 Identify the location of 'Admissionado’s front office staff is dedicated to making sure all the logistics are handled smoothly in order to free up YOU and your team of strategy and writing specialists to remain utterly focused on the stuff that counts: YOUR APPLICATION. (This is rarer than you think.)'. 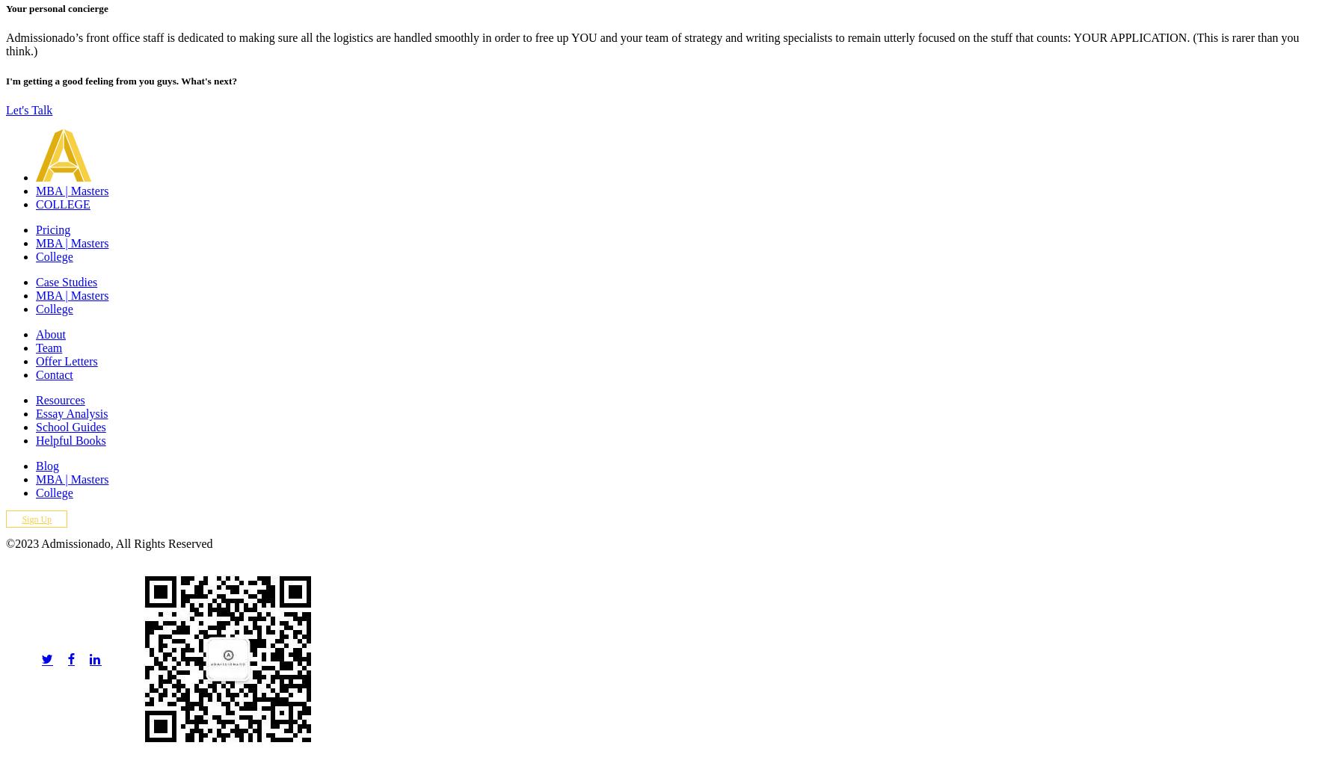
(4, 44).